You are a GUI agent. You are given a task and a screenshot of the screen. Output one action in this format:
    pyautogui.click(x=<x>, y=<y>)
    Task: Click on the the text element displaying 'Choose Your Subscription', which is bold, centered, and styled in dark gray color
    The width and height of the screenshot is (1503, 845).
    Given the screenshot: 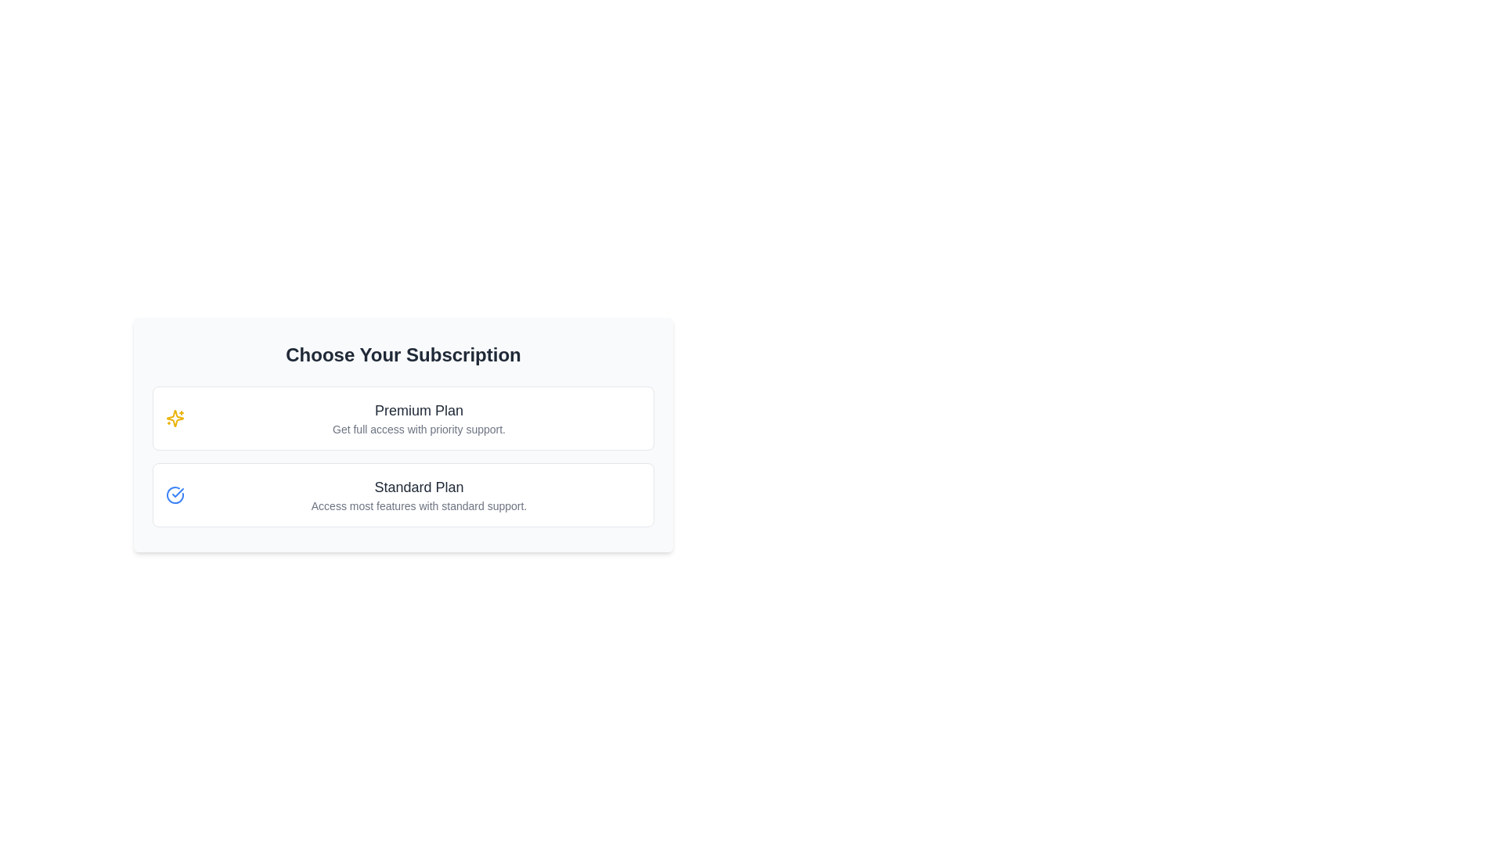 What is the action you would take?
    pyautogui.click(x=403, y=355)
    